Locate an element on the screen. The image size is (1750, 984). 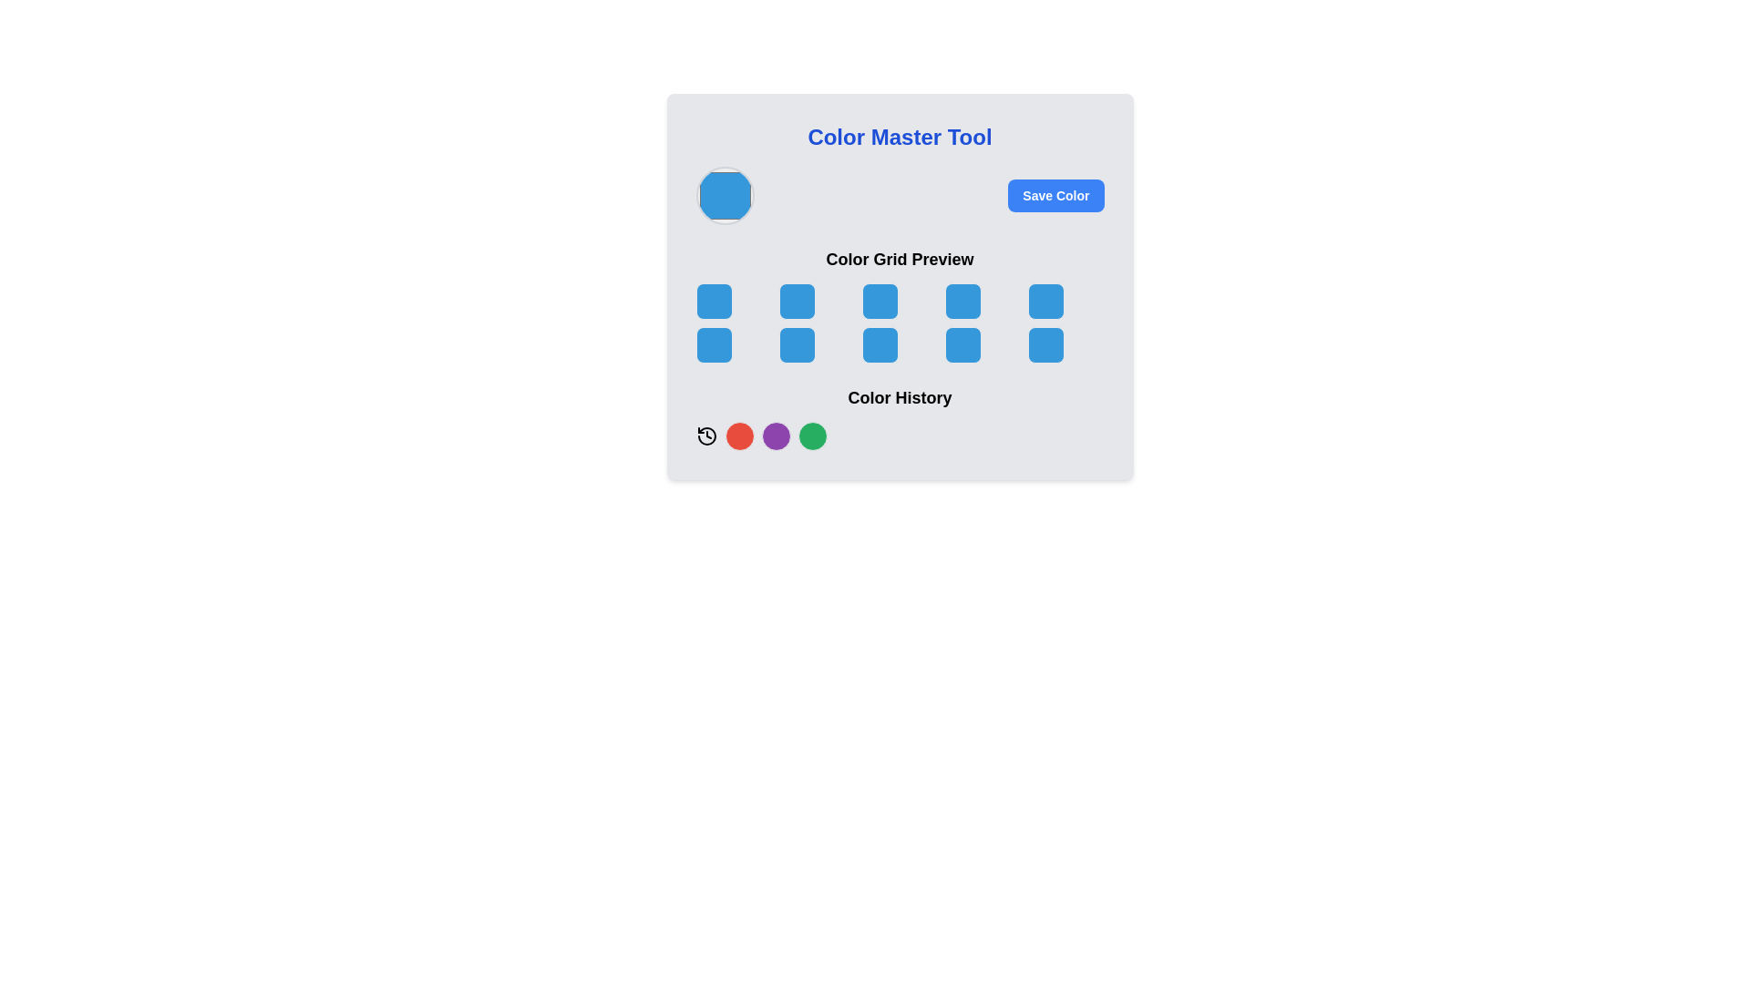
the inactive button styled as a grid item in the top-left corner of the 'Color Grid Preview' section to possibly select or edit a color is located at coordinates (713, 301).